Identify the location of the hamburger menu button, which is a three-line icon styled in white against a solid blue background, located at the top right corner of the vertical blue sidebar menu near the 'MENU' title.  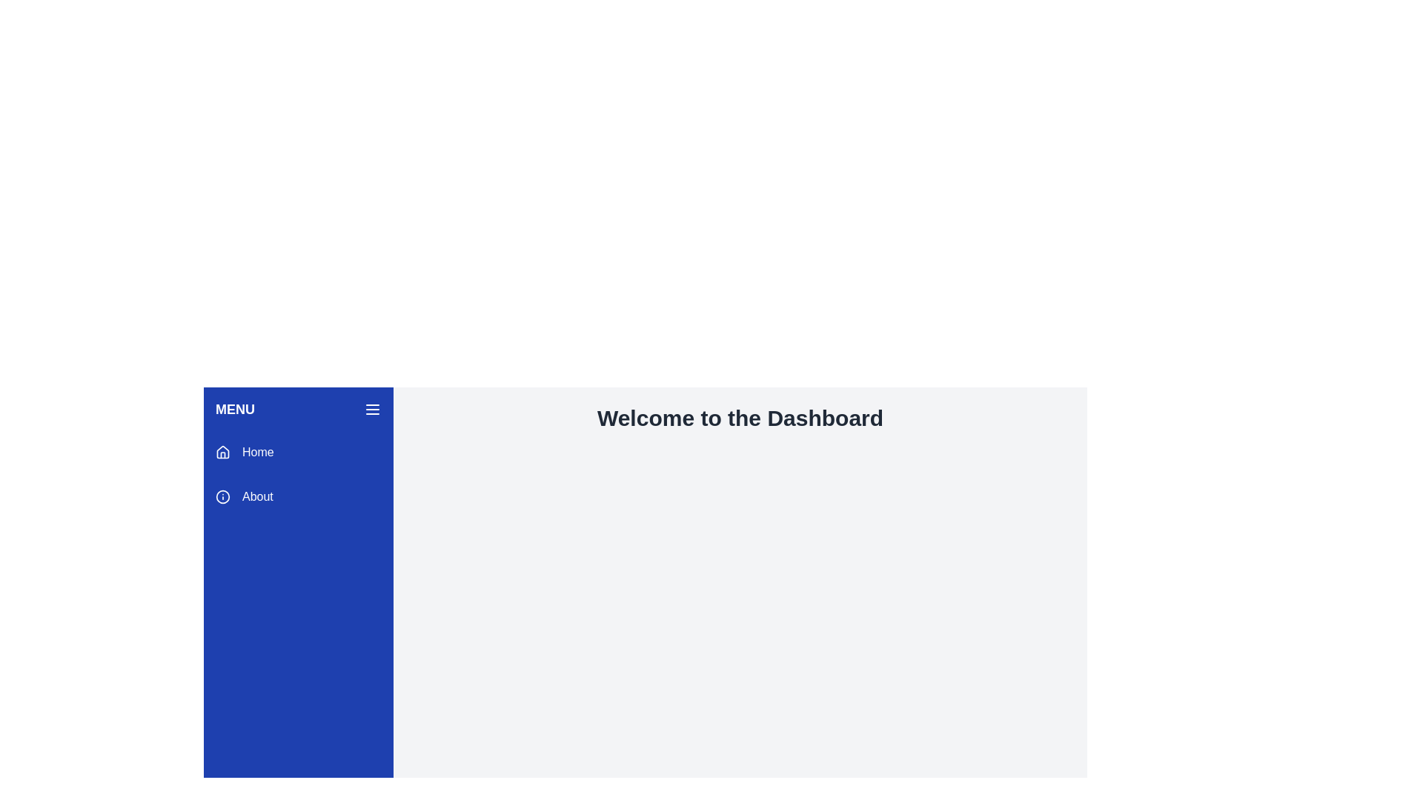
(373, 409).